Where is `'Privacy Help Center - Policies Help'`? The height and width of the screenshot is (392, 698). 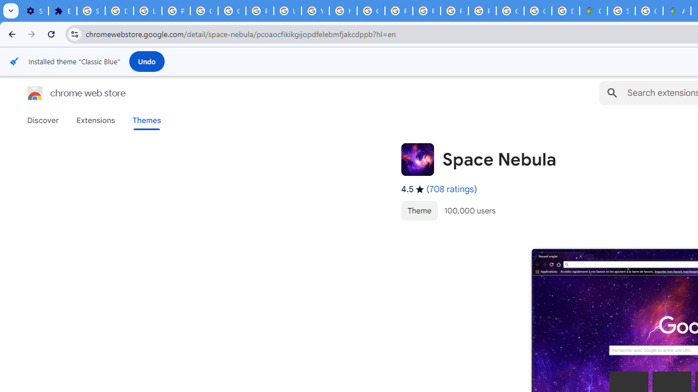
'Privacy Help Center - Policies Help' is located at coordinates (398, 11).